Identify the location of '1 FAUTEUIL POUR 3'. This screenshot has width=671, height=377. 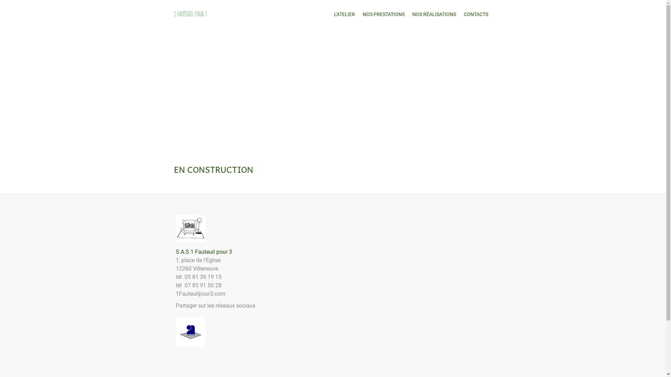
(190, 15).